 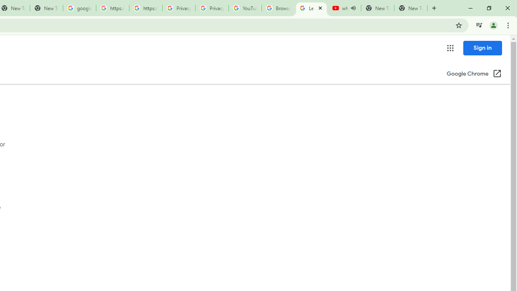 What do you see at coordinates (278, 8) in the screenshot?
I see `'Browse Chrome as a guest - Computer - Google Chrome Help'` at bounding box center [278, 8].